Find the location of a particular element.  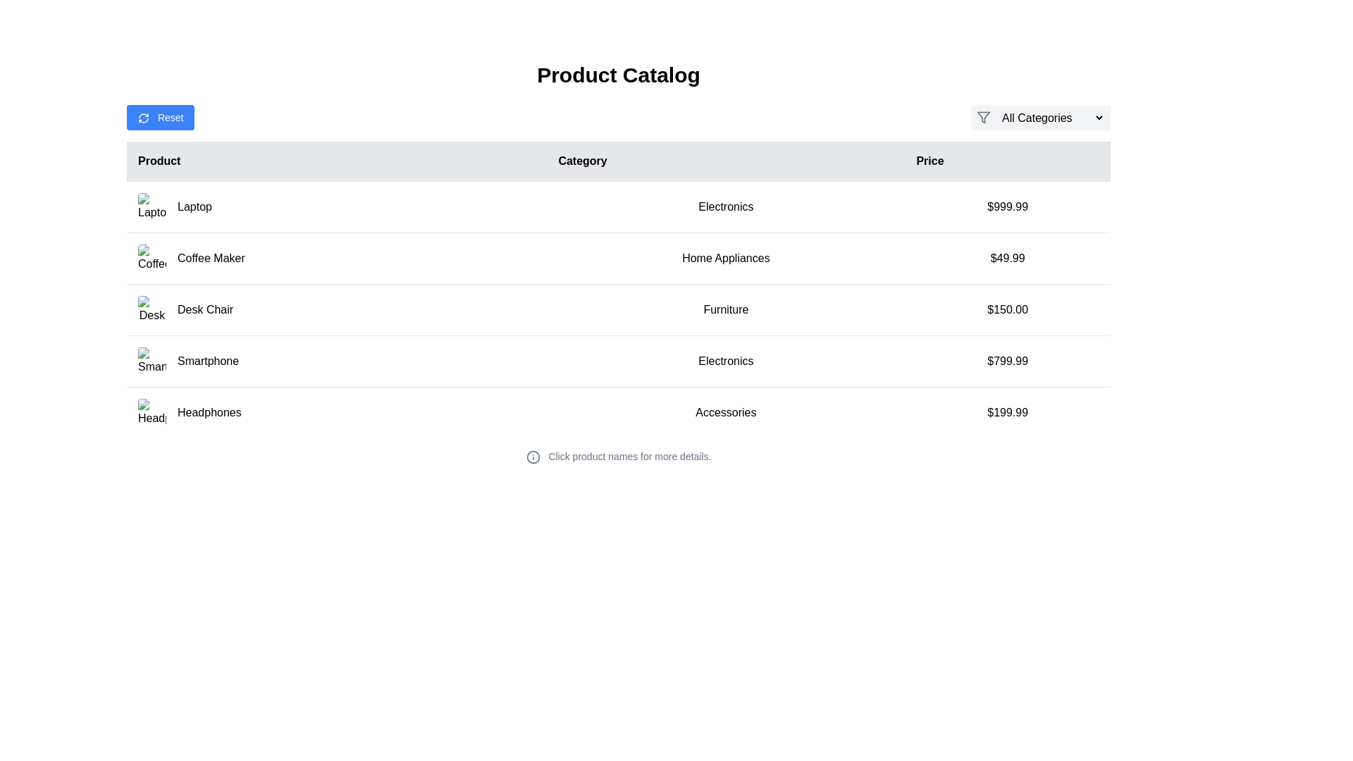

the 'Accessories' text label in the 'Category' column of the fifth row in the product listing table is located at coordinates (726, 412).